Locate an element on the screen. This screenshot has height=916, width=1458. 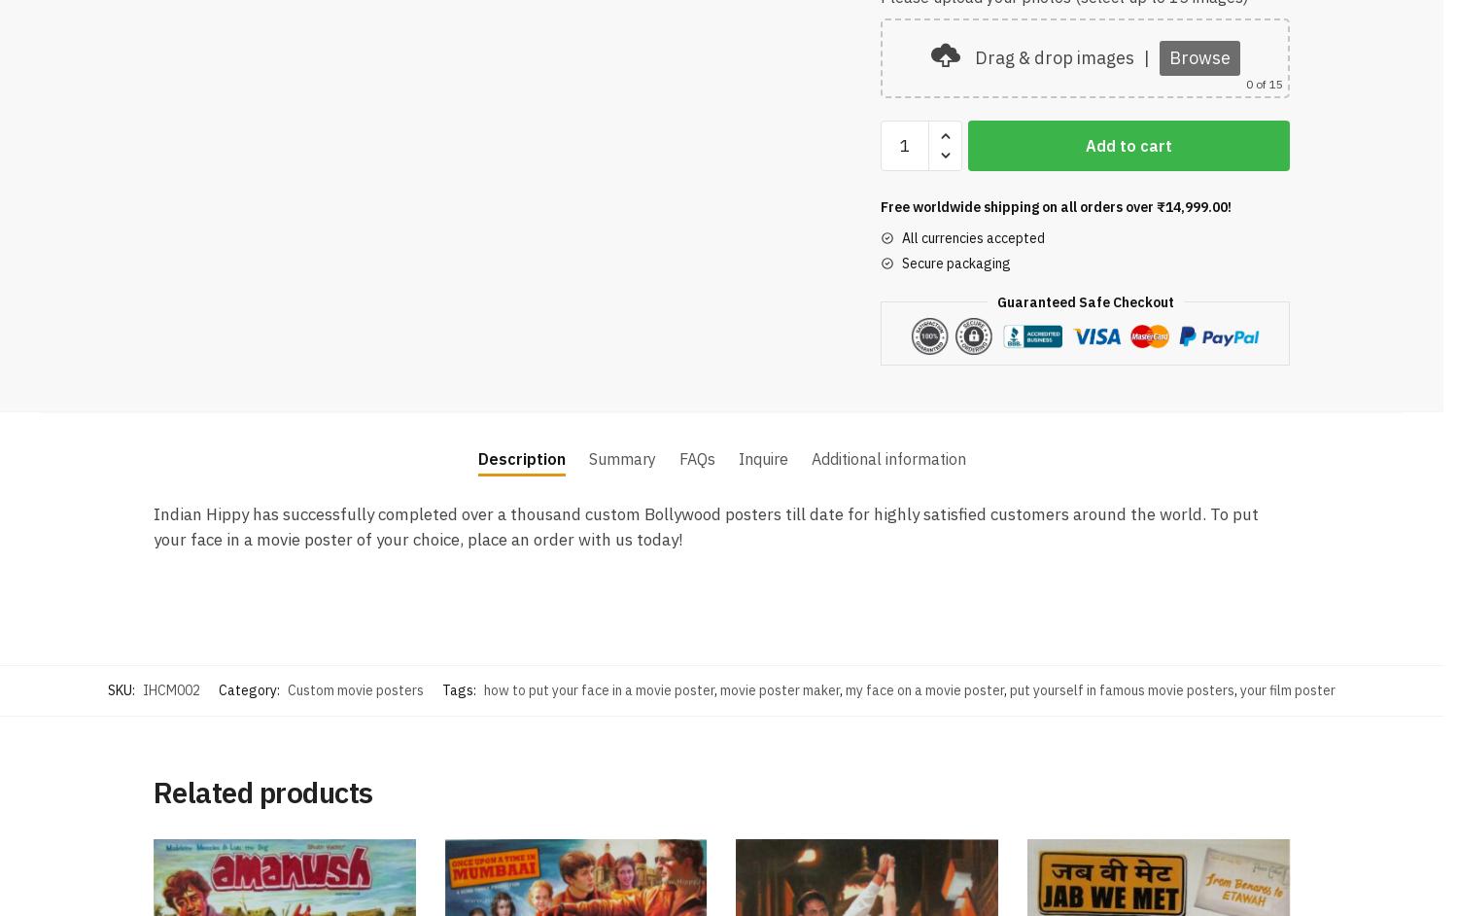
'IHCM002' is located at coordinates (171, 687).